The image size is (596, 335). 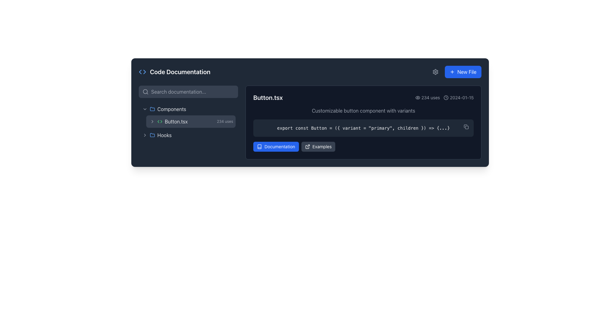 What do you see at coordinates (152, 135) in the screenshot?
I see `the folder icon representing the 'Hooks' entry in the options list, which visually cues the concept of a folder or directory` at bounding box center [152, 135].